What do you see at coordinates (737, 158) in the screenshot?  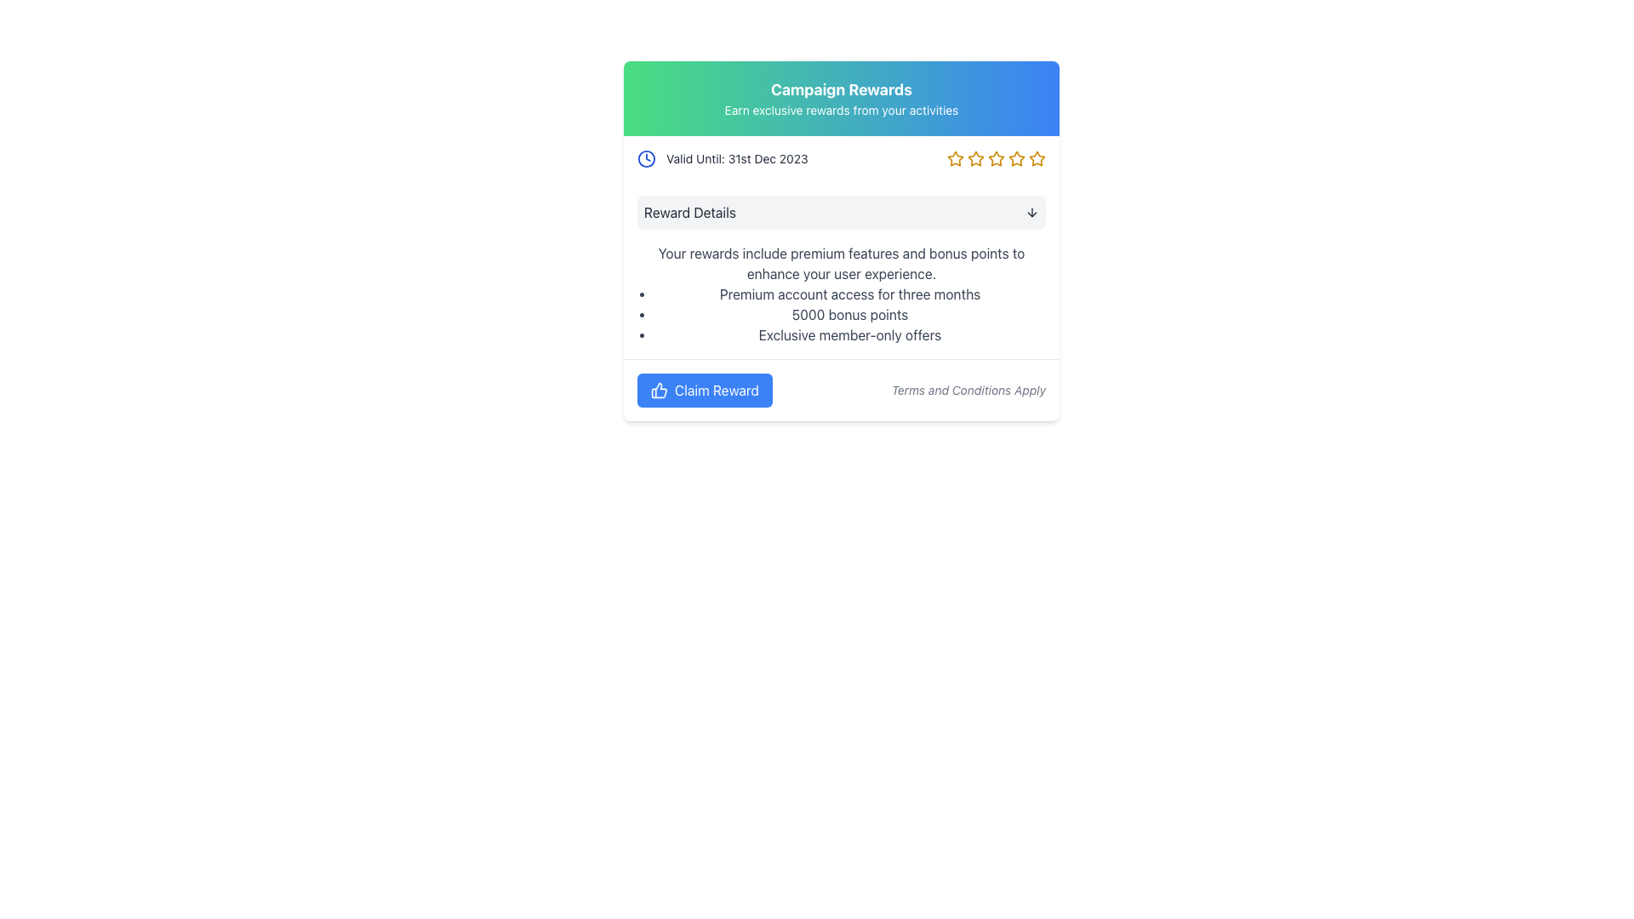 I see `the text label indicating the expiration date of the offer, which is located to the right of a clock icon in the header section of the campaign rewards card` at bounding box center [737, 158].